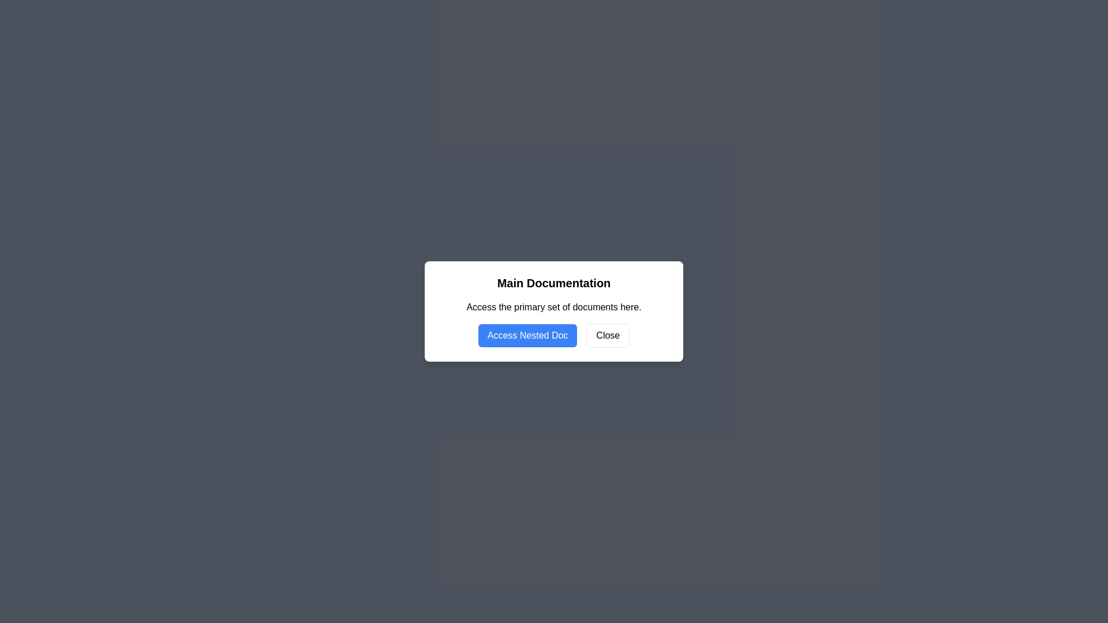 The image size is (1108, 623). Describe the element at coordinates (607, 336) in the screenshot. I see `the close button located to the right of the 'Access Nested Doc' button at the bottom of the dialog box` at that location.